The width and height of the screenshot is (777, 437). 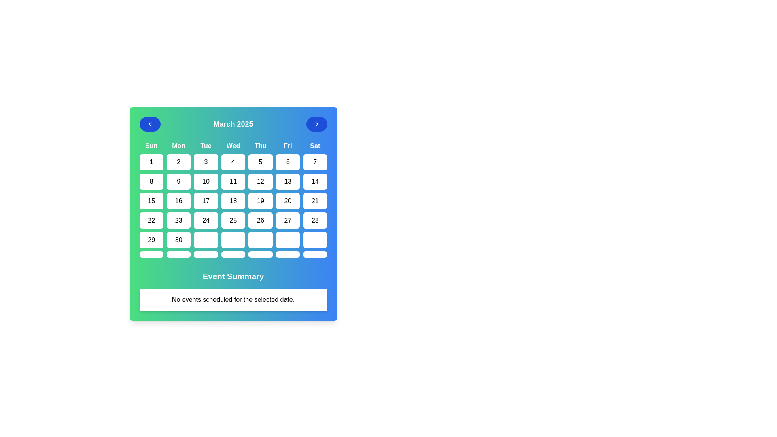 I want to click on the text label displaying 'Tue' in bold font, which is the third element in the row of day labels above the date grid, so click(x=206, y=146).